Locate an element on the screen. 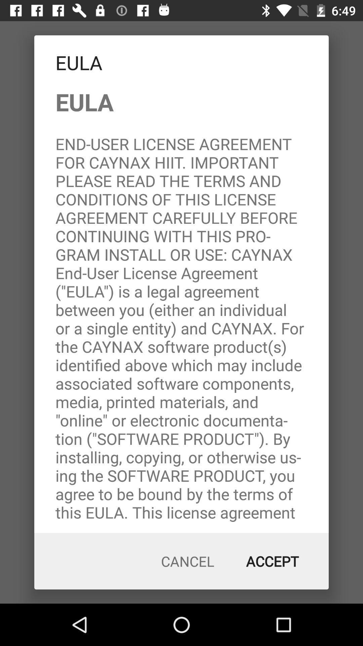  cancel icon is located at coordinates (188, 561).